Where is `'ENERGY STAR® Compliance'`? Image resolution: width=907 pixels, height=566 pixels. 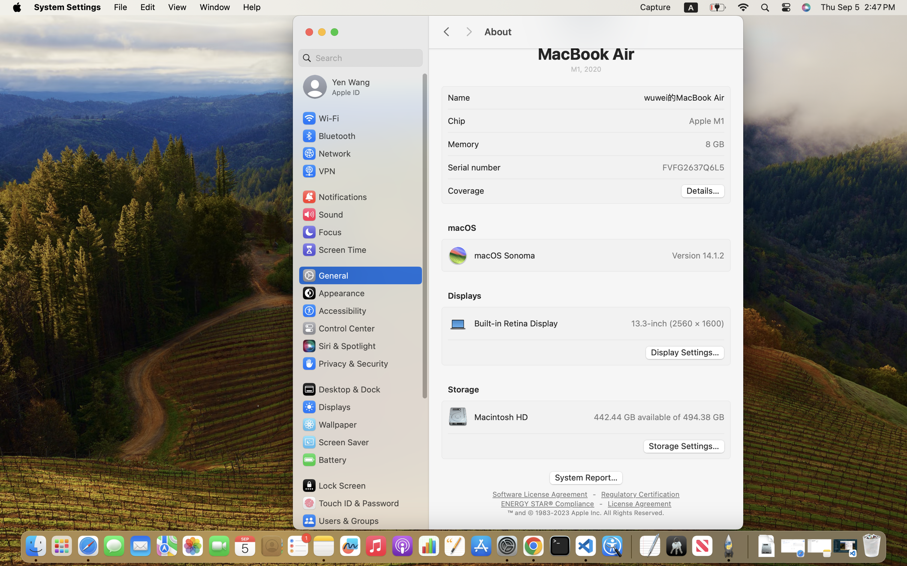 'ENERGY STAR® Compliance' is located at coordinates (547, 503).